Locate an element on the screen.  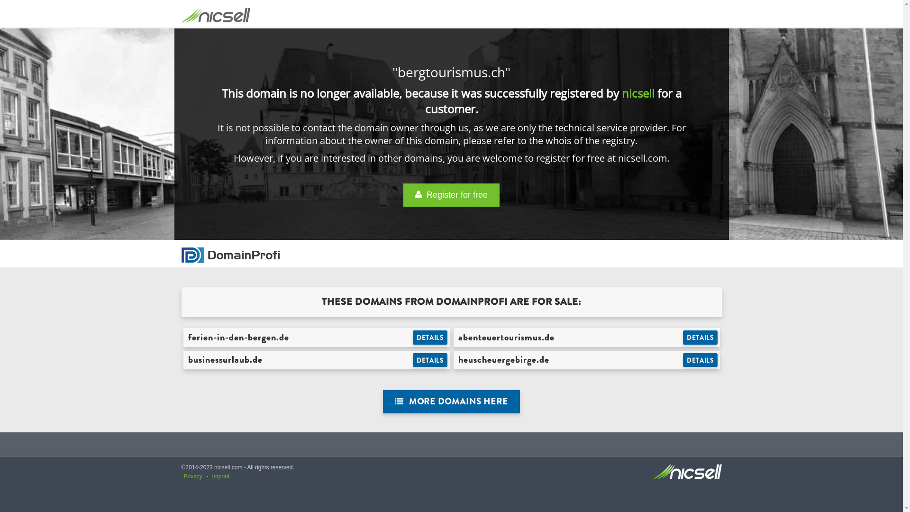
'  MORE DOMAINS HERE' is located at coordinates (451, 402).